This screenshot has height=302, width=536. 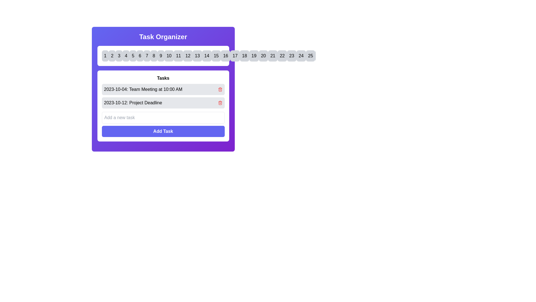 I want to click on the small rectangular button displaying the text '7' with a light gray background and rounded corners, so click(x=147, y=56).